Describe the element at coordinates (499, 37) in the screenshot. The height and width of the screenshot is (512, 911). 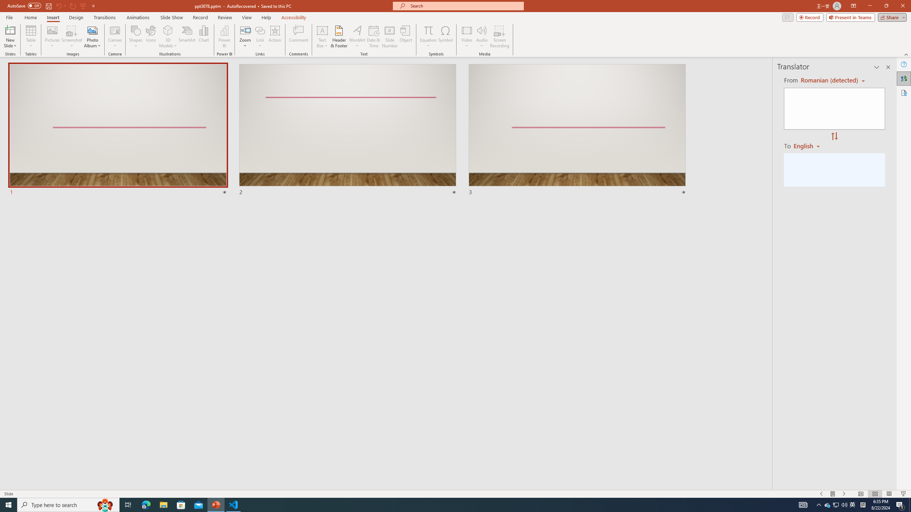
I see `'Screen Recording...'` at that location.